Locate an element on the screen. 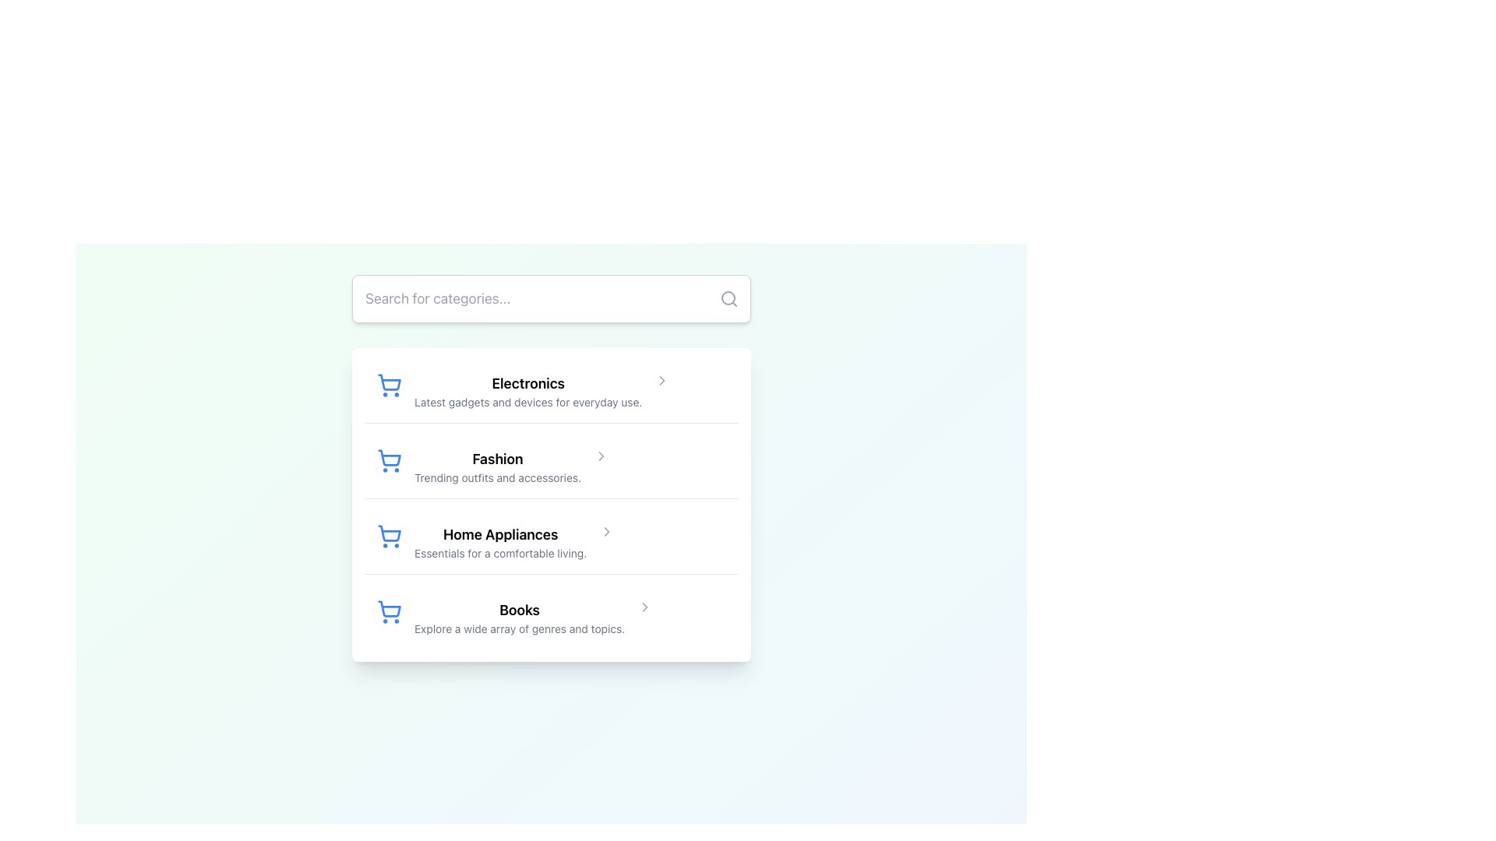  the chevron icon button located to the far right of the 'Fashion Trending outfits and accessories' list item is located at coordinates (601, 456).